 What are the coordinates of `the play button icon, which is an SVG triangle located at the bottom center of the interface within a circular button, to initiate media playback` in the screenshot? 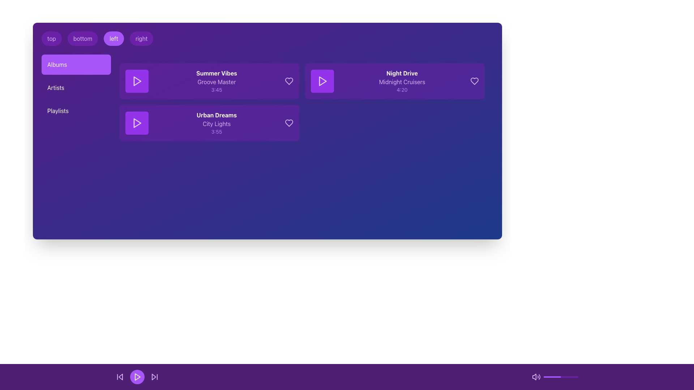 It's located at (137, 377).